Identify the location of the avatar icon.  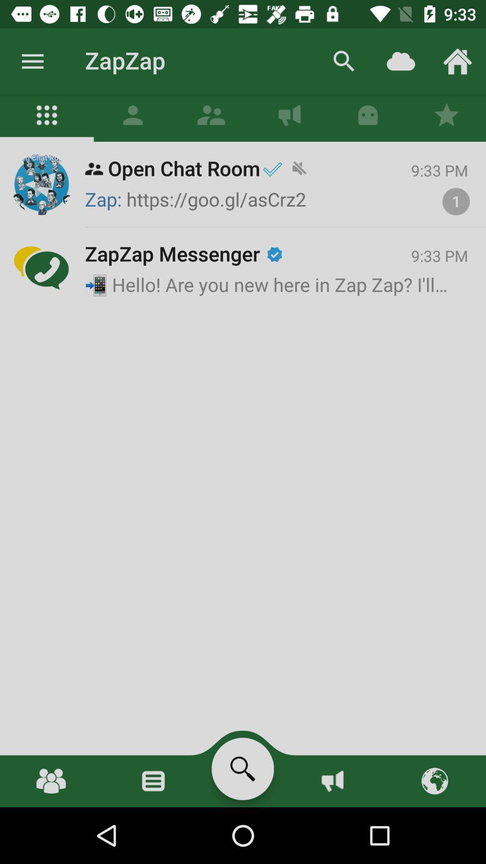
(133, 117).